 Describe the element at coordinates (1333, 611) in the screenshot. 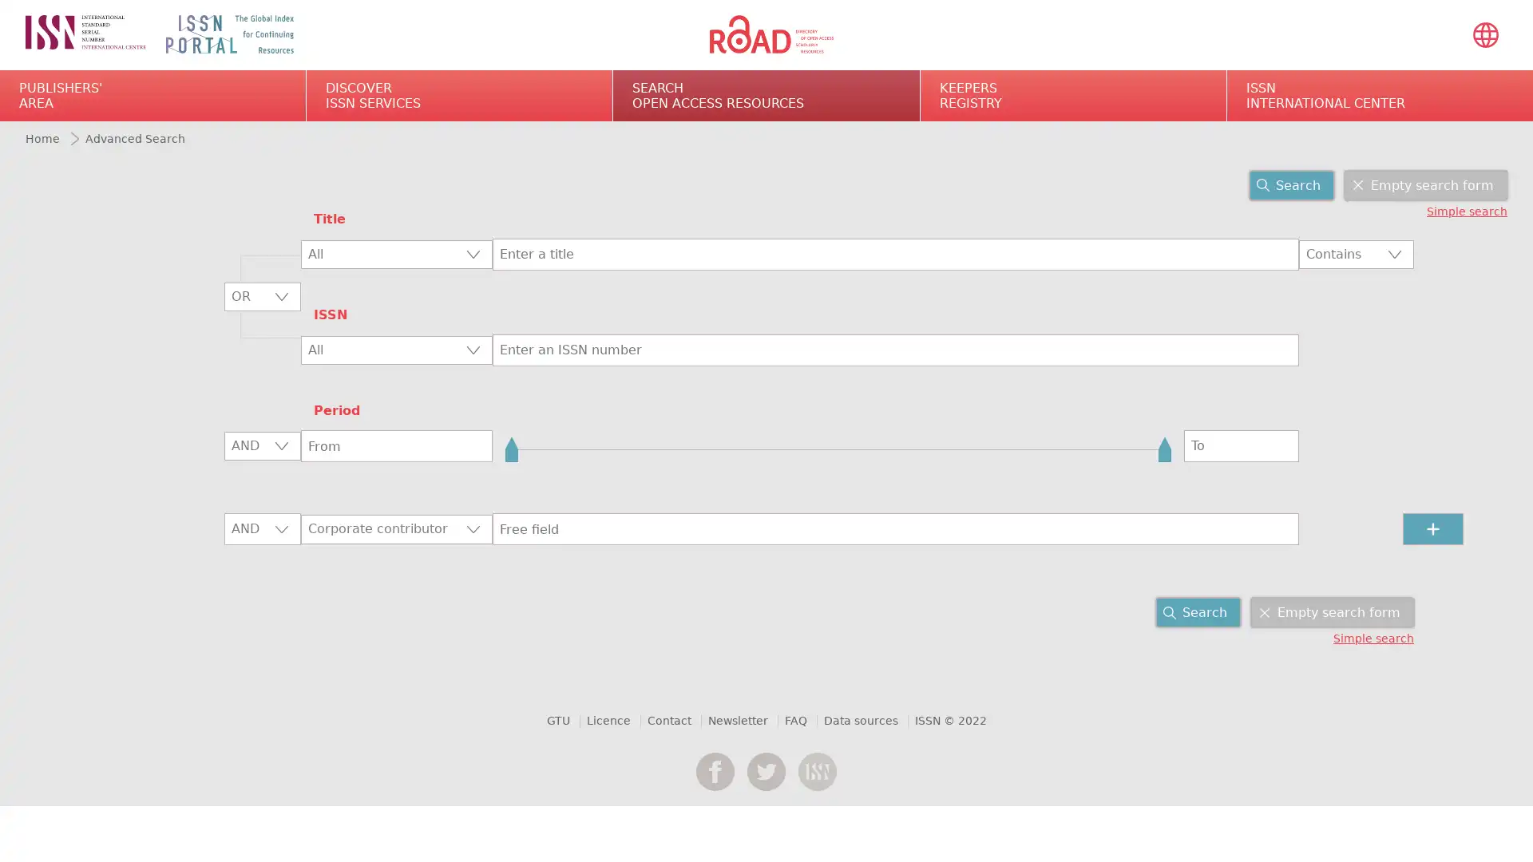

I see `Empty search form` at that location.